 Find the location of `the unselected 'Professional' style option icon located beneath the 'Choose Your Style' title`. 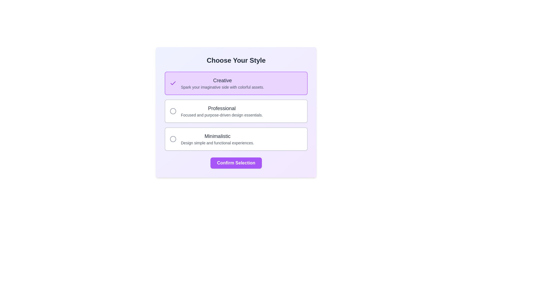

the unselected 'Professional' style option icon located beneath the 'Choose Your Style' title is located at coordinates (173, 111).